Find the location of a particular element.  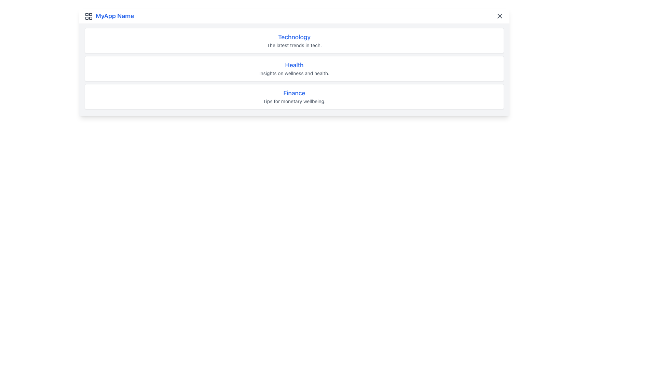

text label displaying 'Tips for monetary wellbeing.' which is located directly underneath the bold blue title 'Finance.' is located at coordinates (294, 101).